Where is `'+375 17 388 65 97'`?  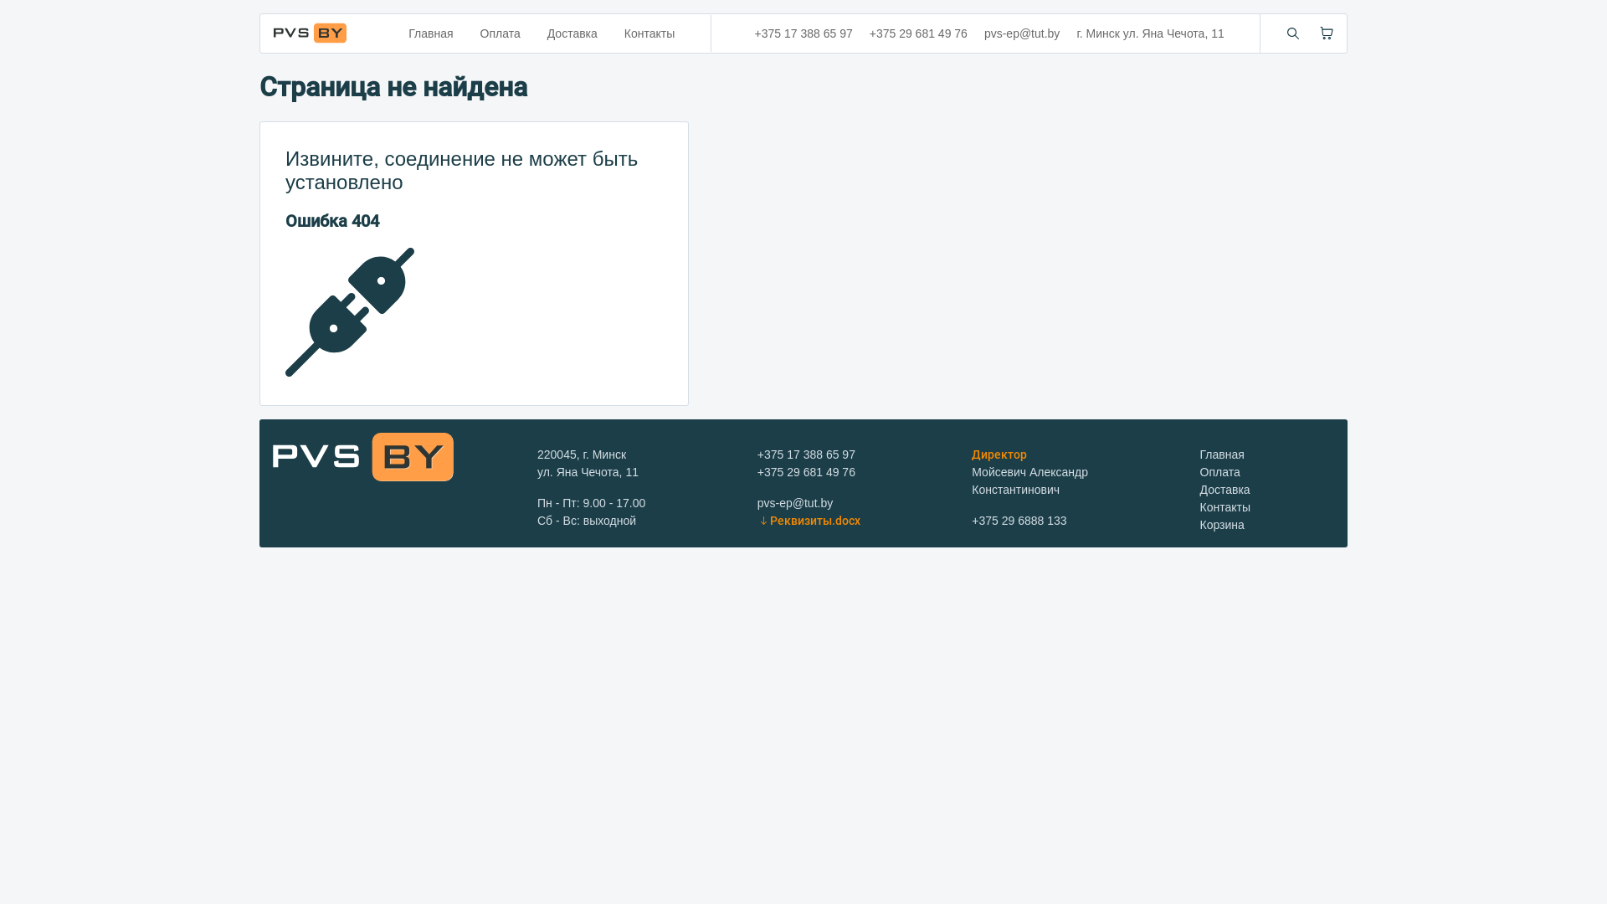 '+375 17 388 65 97' is located at coordinates (757, 455).